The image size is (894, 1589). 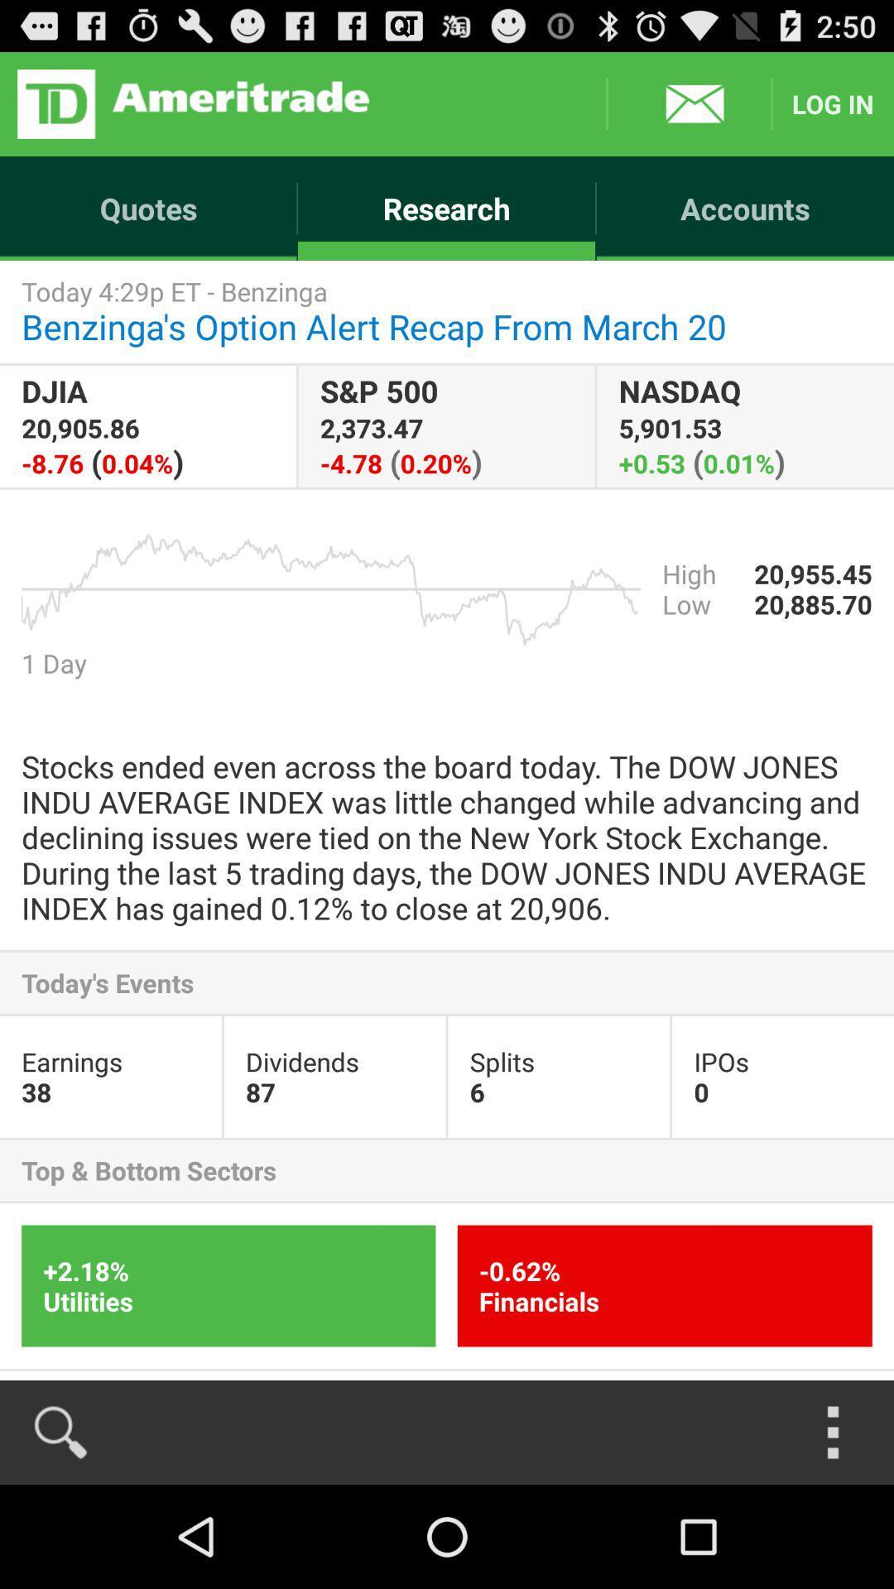 I want to click on search, so click(x=60, y=1432).